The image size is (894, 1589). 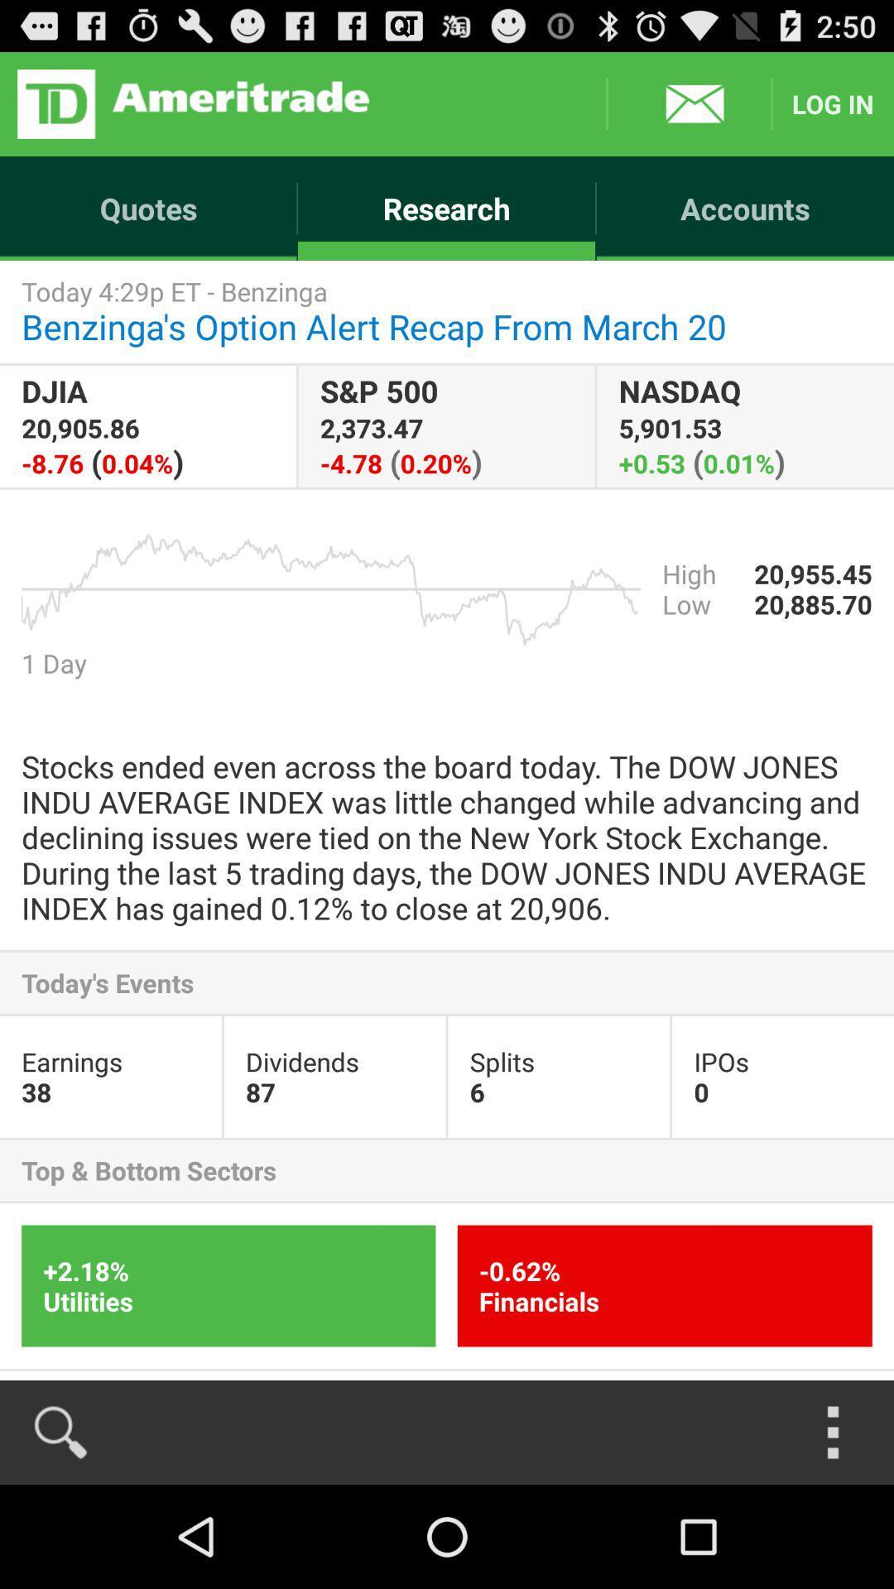 I want to click on search, so click(x=60, y=1432).